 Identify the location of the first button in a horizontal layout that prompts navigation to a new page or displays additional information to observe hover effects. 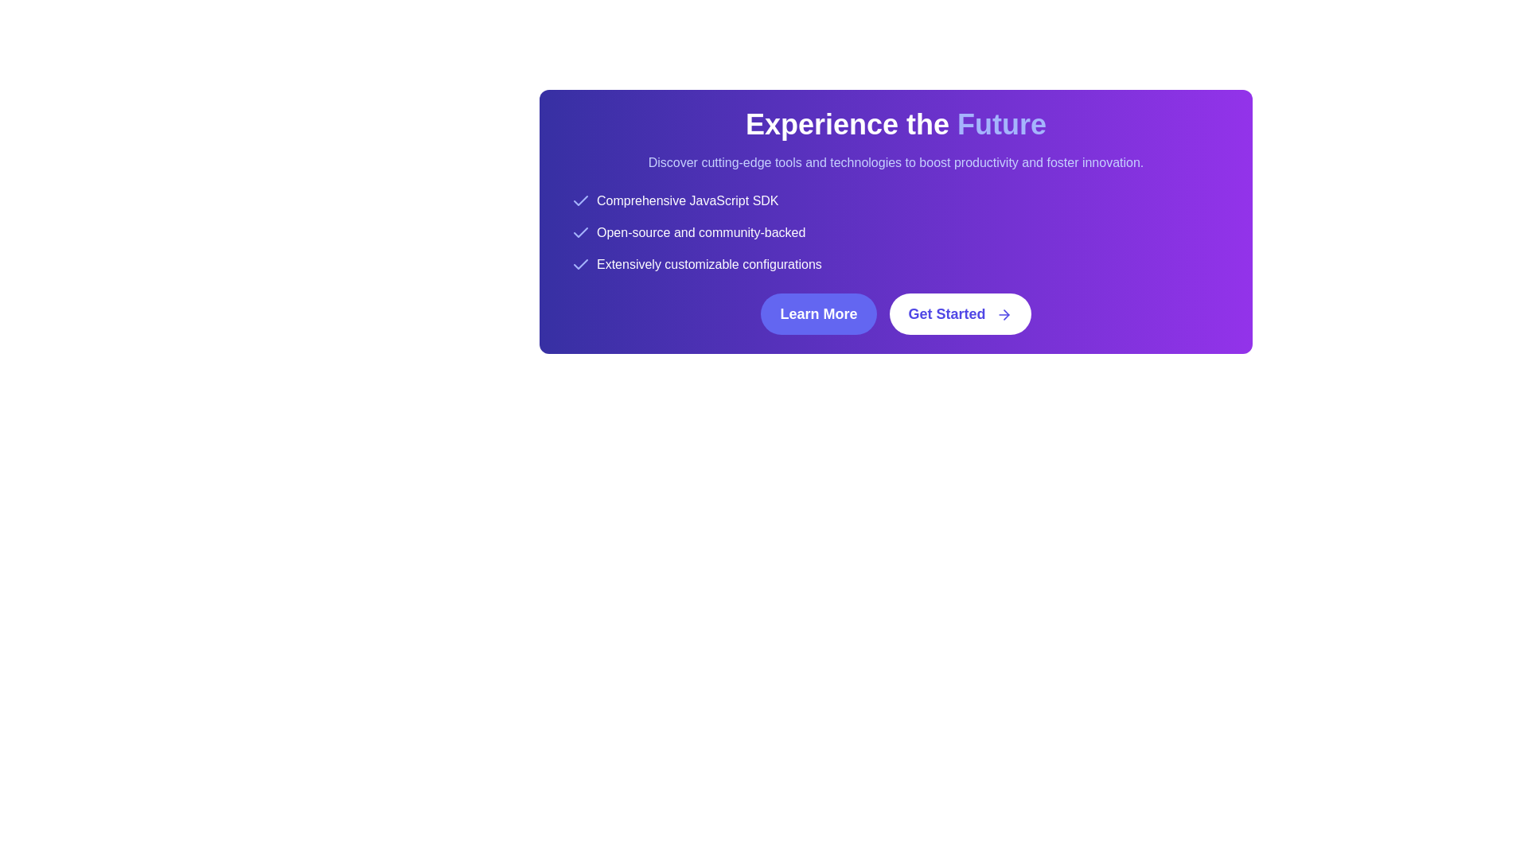
(818, 313).